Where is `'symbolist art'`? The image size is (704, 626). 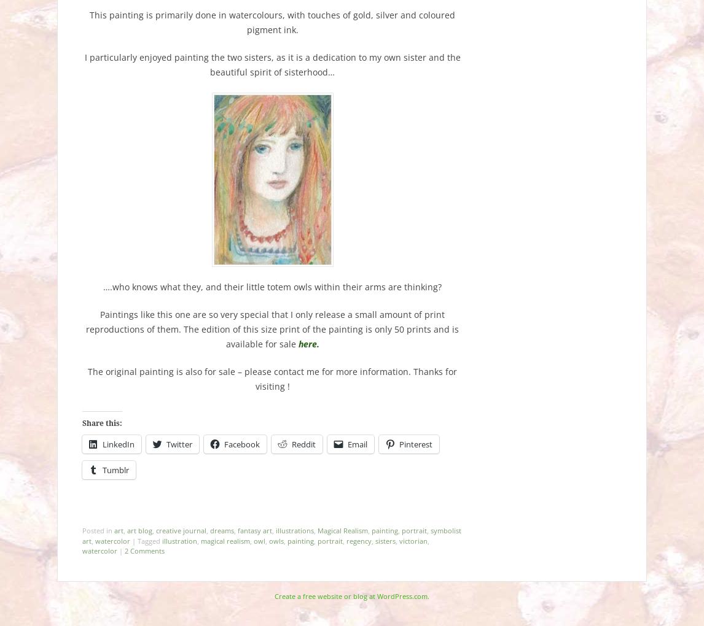
'symbolist art' is located at coordinates (271, 535).